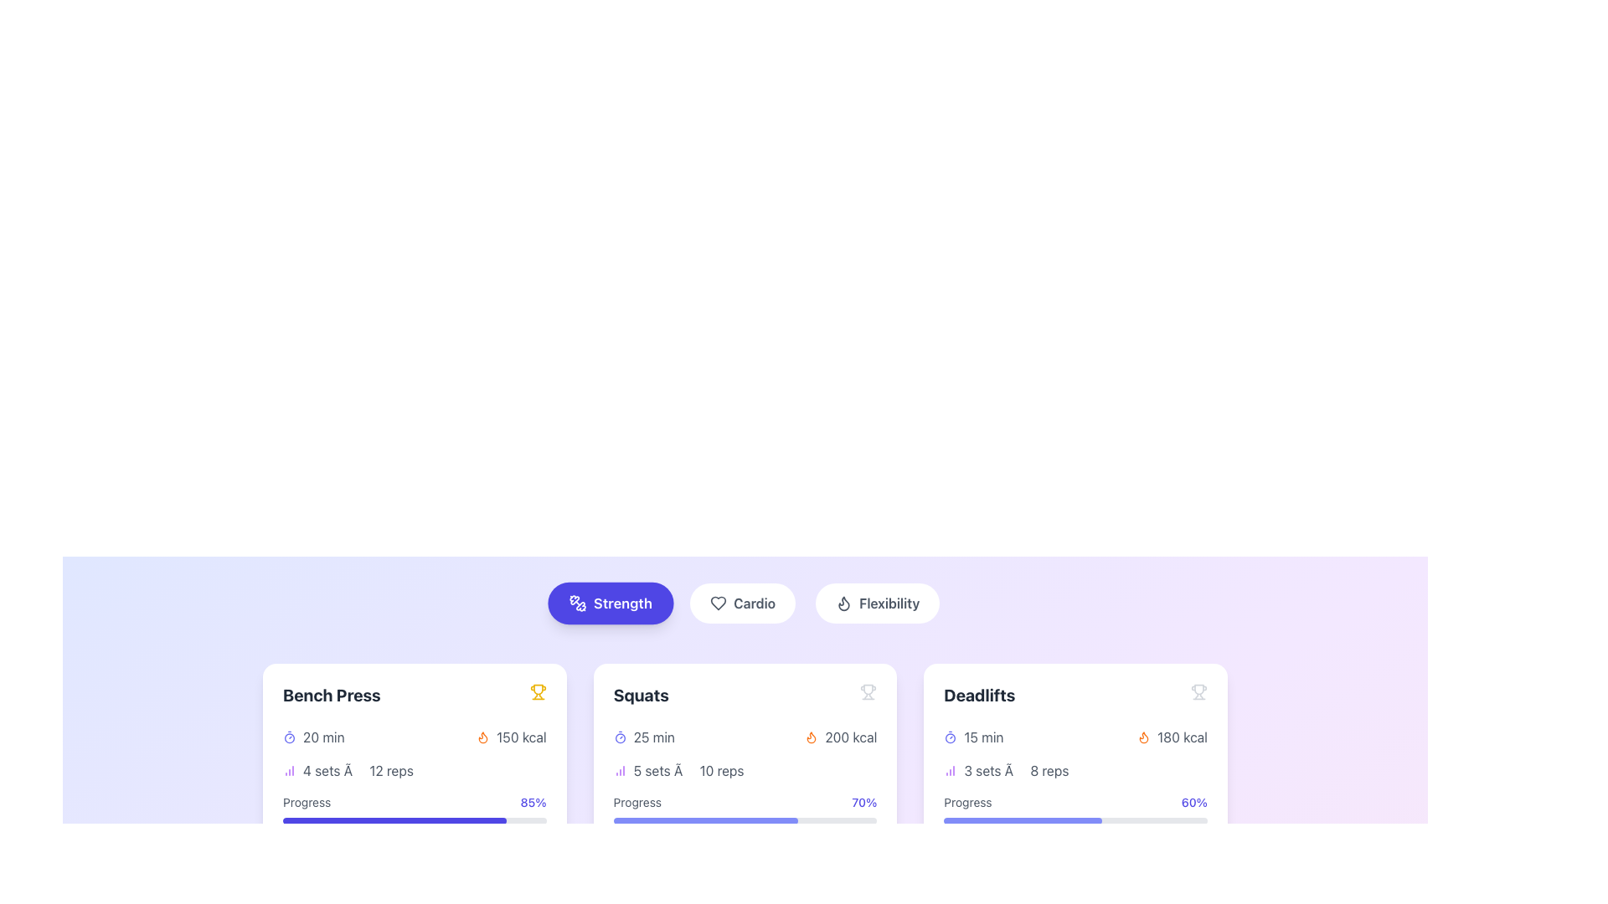  I want to click on the small purple SVG icon resembling a chart with increasing columns, located to the left of the text '3 sets × 8 reps' in the 'Deadlifts' section, so click(951, 771).